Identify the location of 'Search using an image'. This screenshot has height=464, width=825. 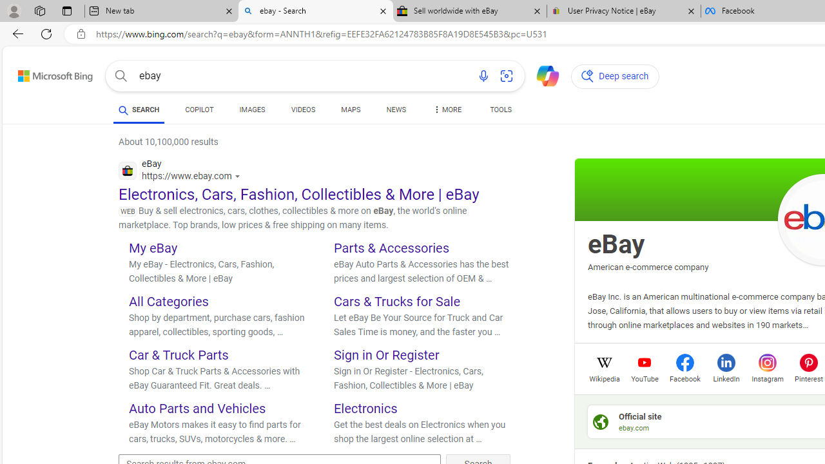
(505, 76).